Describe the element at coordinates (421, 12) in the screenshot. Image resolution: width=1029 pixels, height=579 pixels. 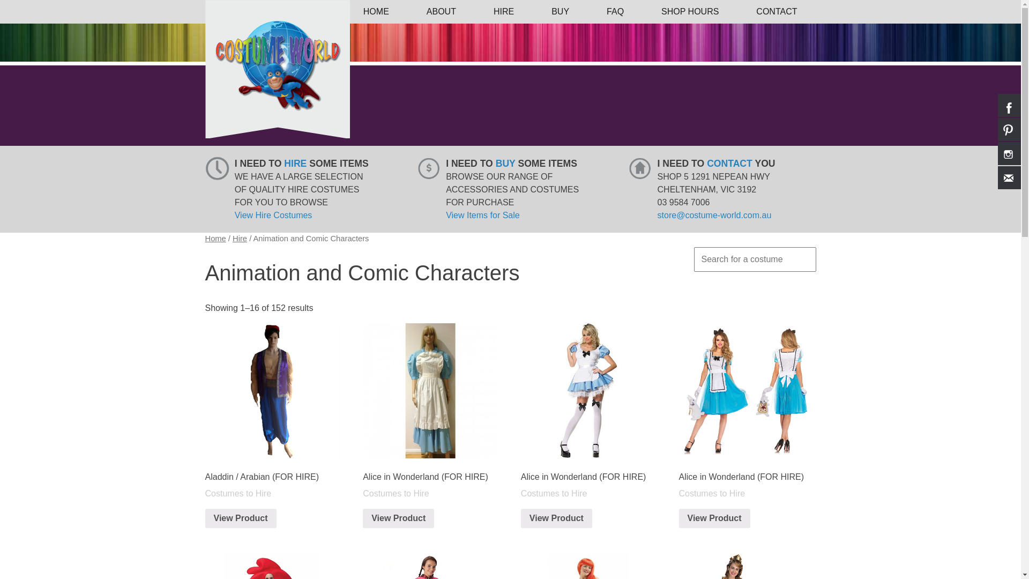
I see `'ABOUT'` at that location.